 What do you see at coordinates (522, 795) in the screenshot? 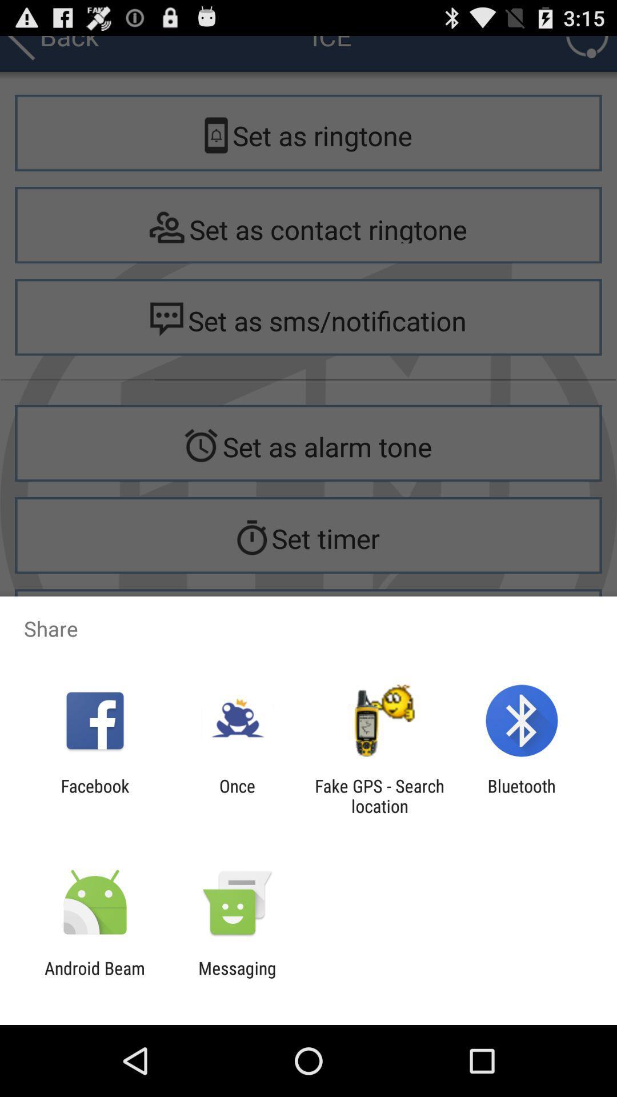
I see `the bluetooth app` at bounding box center [522, 795].